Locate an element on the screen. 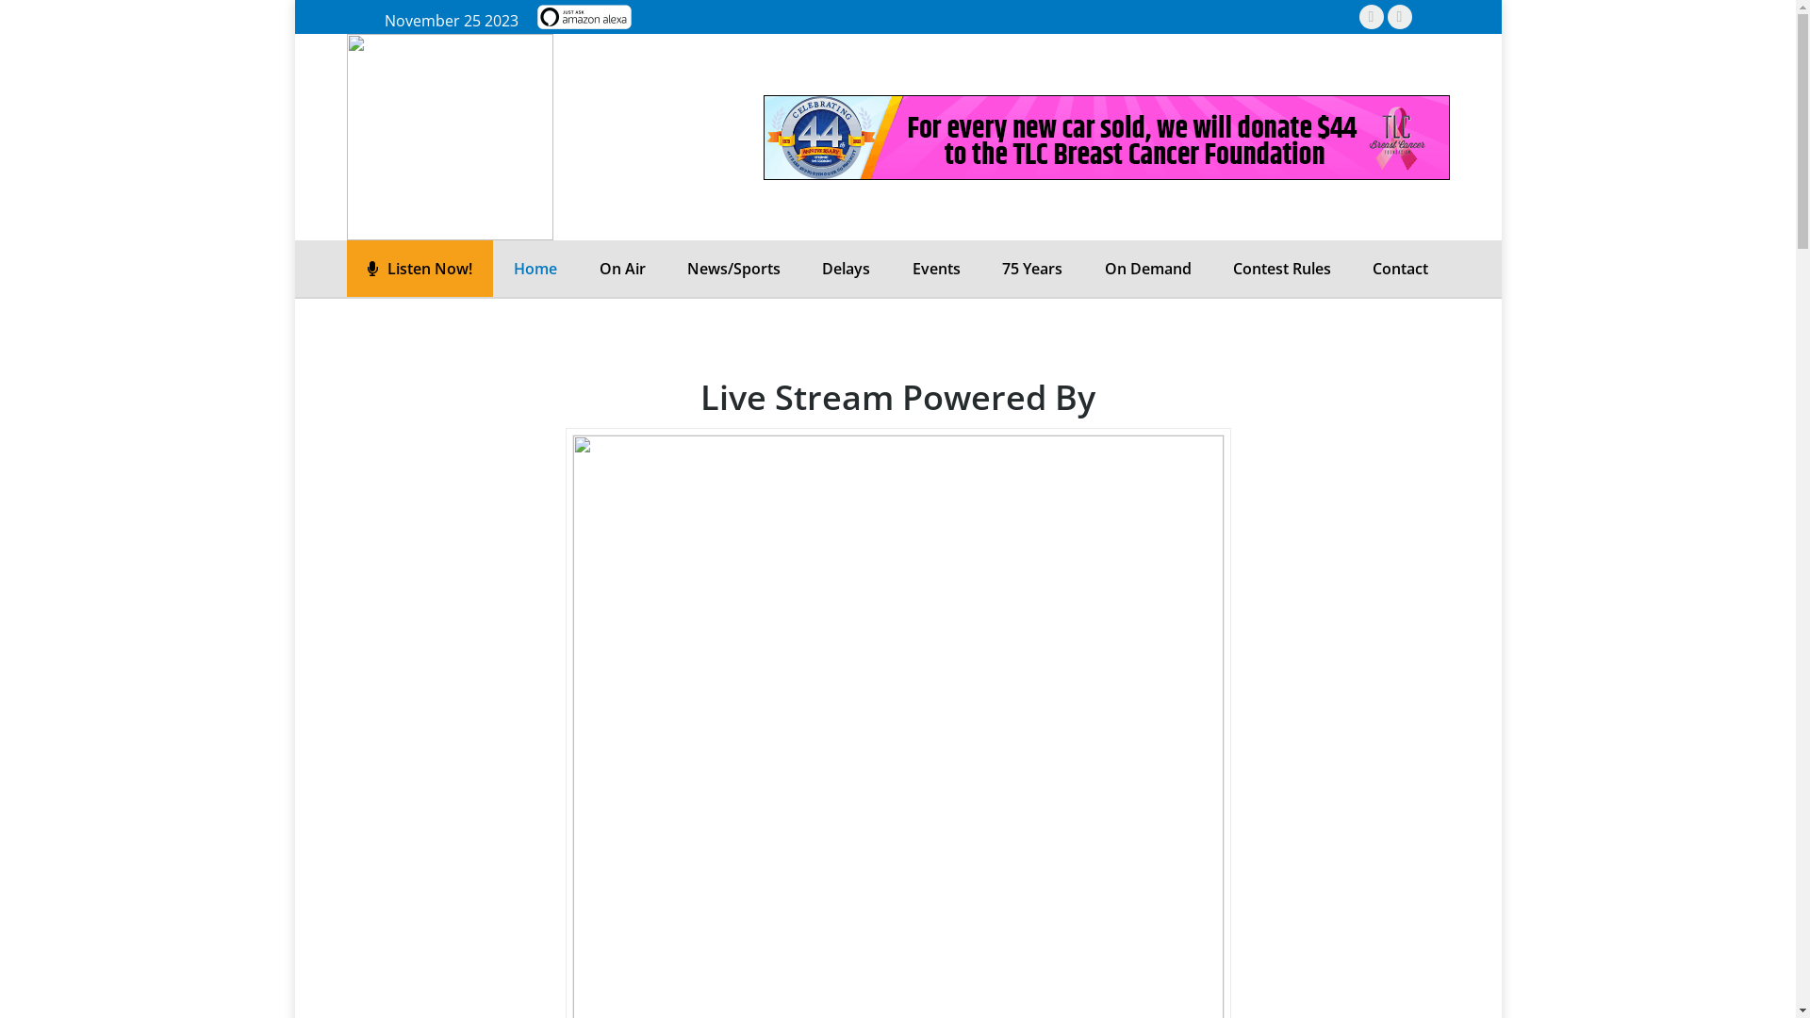  'Listen Now!' is located at coordinates (418, 269).